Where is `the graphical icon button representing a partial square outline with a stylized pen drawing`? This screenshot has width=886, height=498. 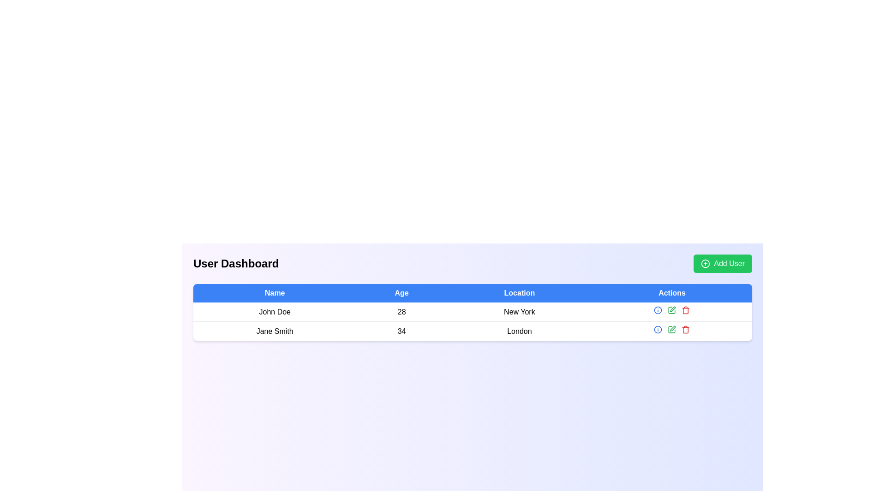 the graphical icon button representing a partial square outline with a stylized pen drawing is located at coordinates (672, 310).